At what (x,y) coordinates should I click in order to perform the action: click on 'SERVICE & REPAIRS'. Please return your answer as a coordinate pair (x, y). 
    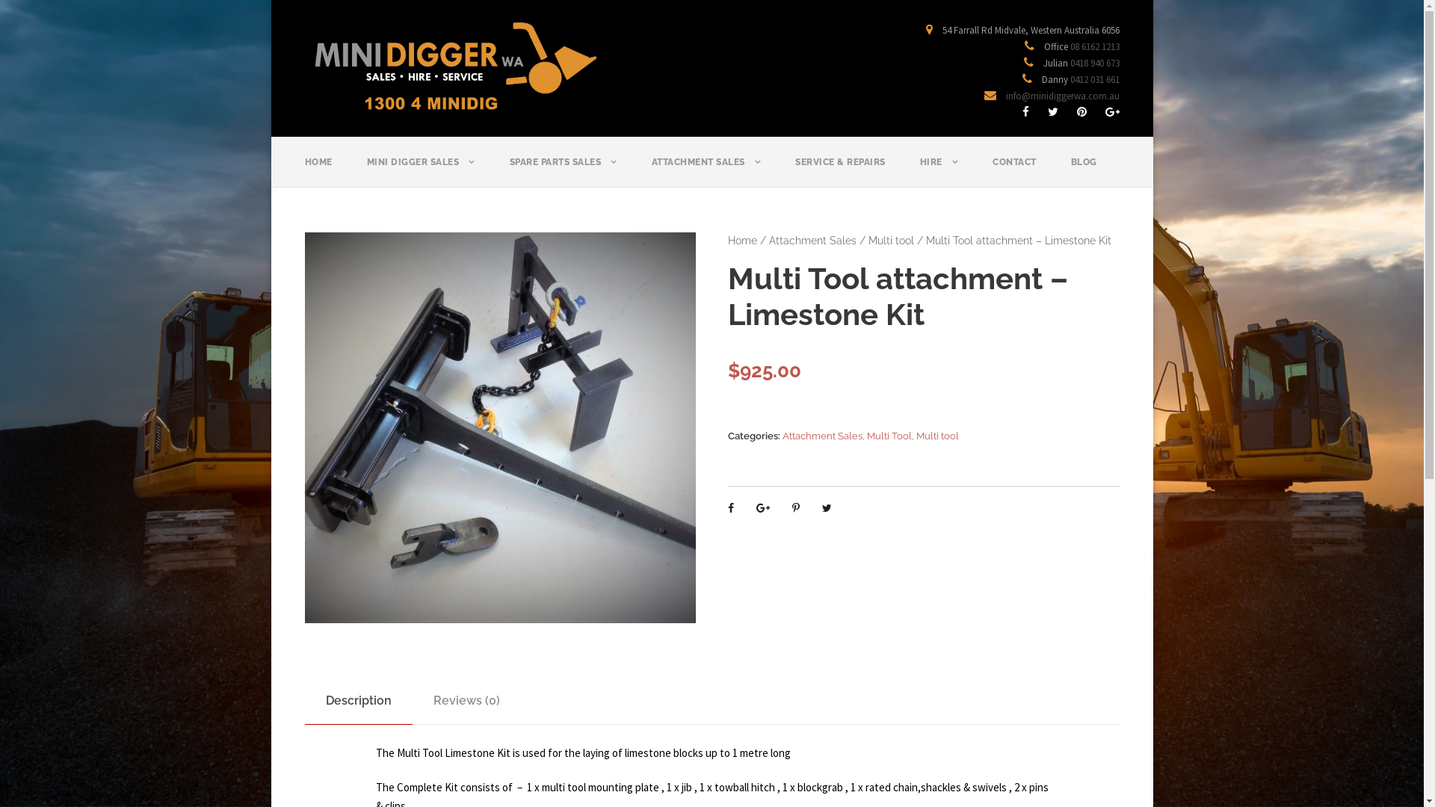
    Looking at the image, I should click on (840, 170).